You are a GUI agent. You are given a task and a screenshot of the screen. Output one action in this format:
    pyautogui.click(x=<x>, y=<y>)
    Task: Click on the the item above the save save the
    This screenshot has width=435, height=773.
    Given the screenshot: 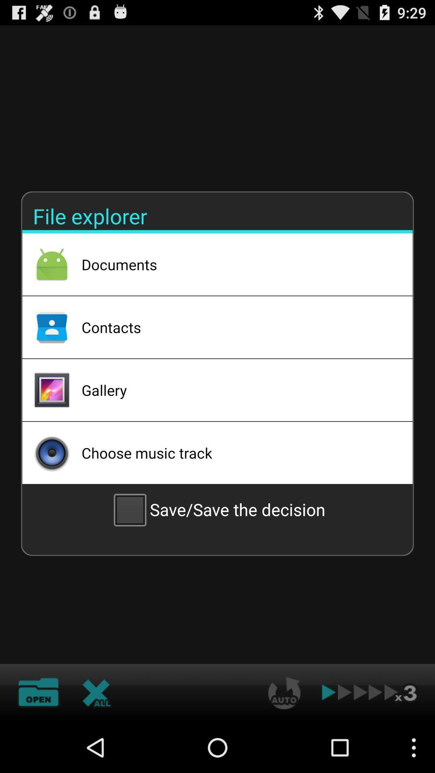 What is the action you would take?
    pyautogui.click(x=236, y=453)
    